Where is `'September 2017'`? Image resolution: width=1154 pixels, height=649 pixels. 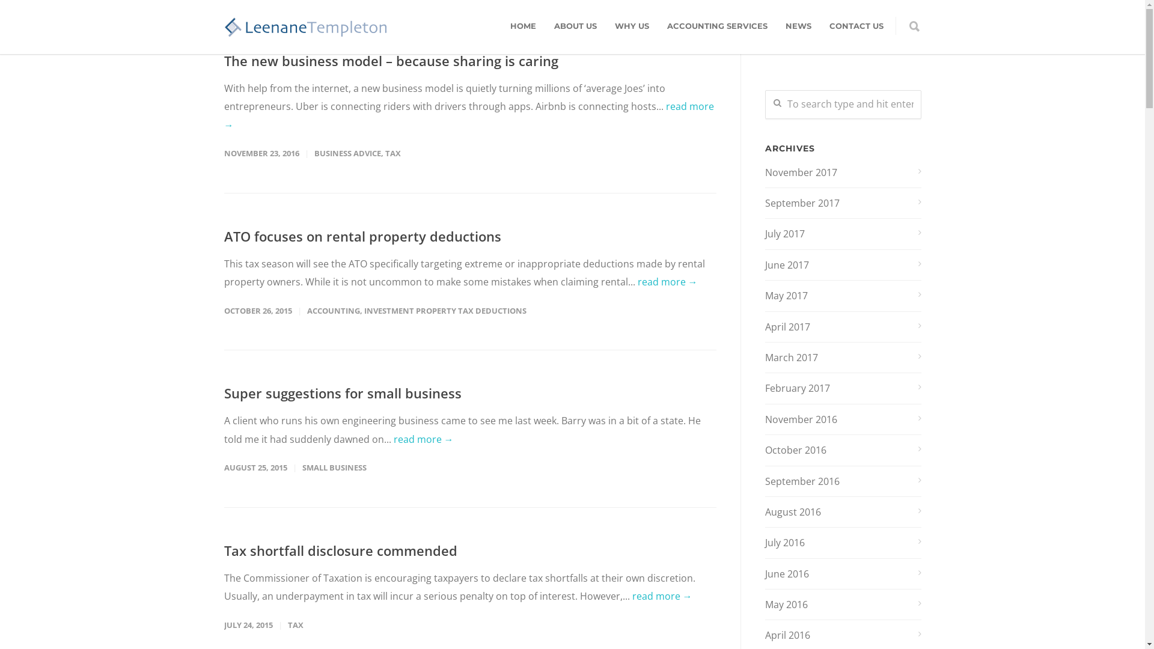 'September 2017' is located at coordinates (841, 203).